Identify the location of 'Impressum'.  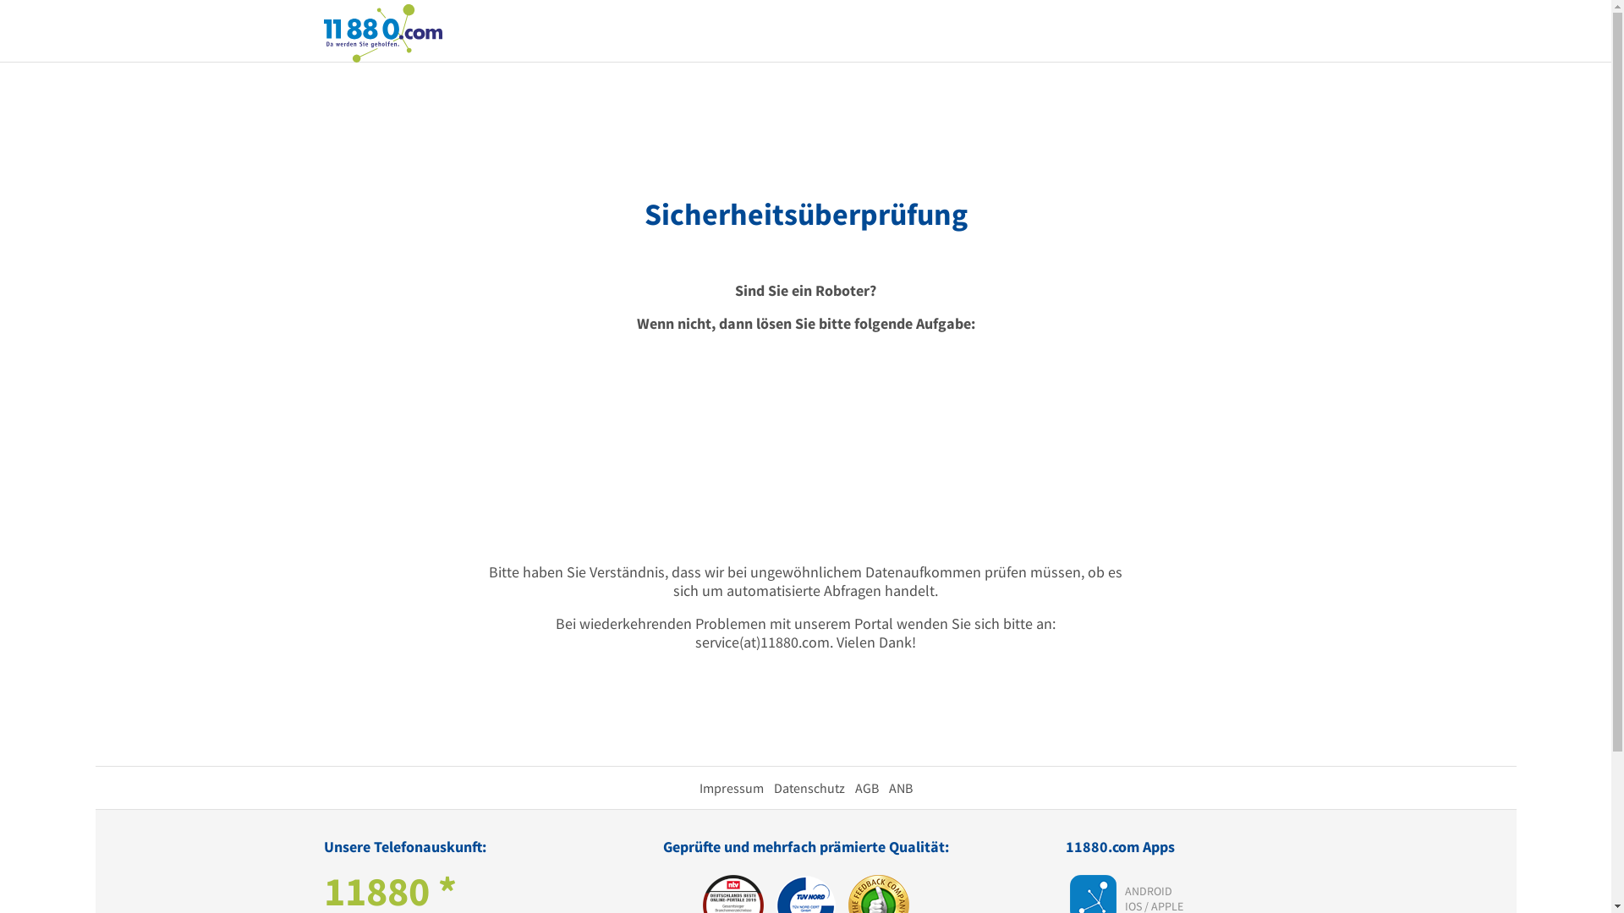
(731, 788).